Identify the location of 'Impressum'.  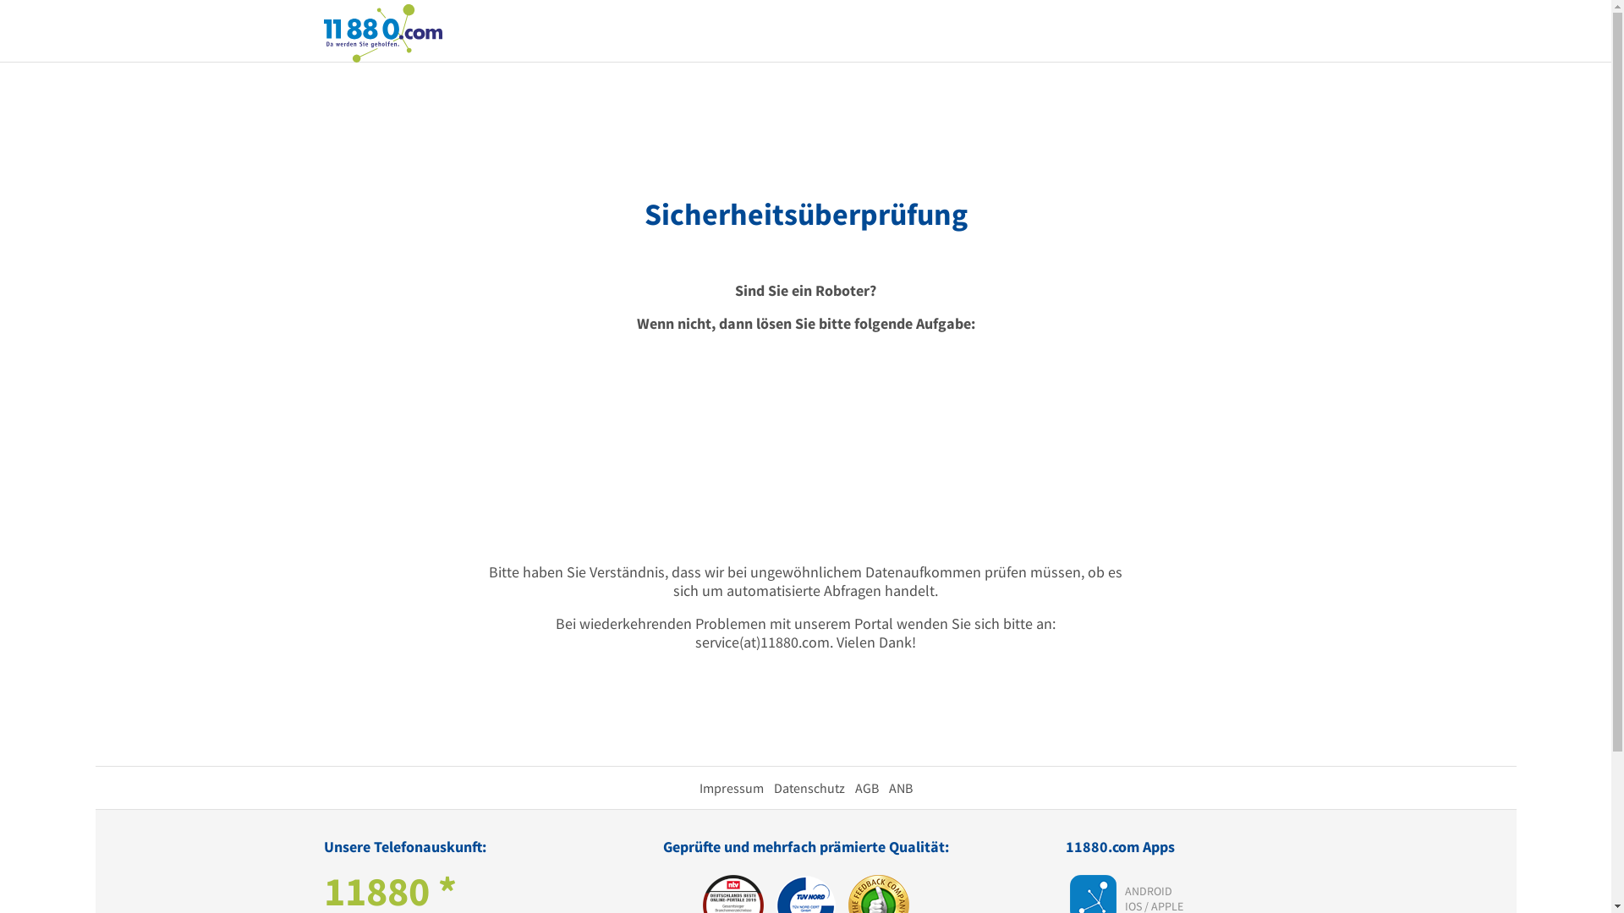
(731, 788).